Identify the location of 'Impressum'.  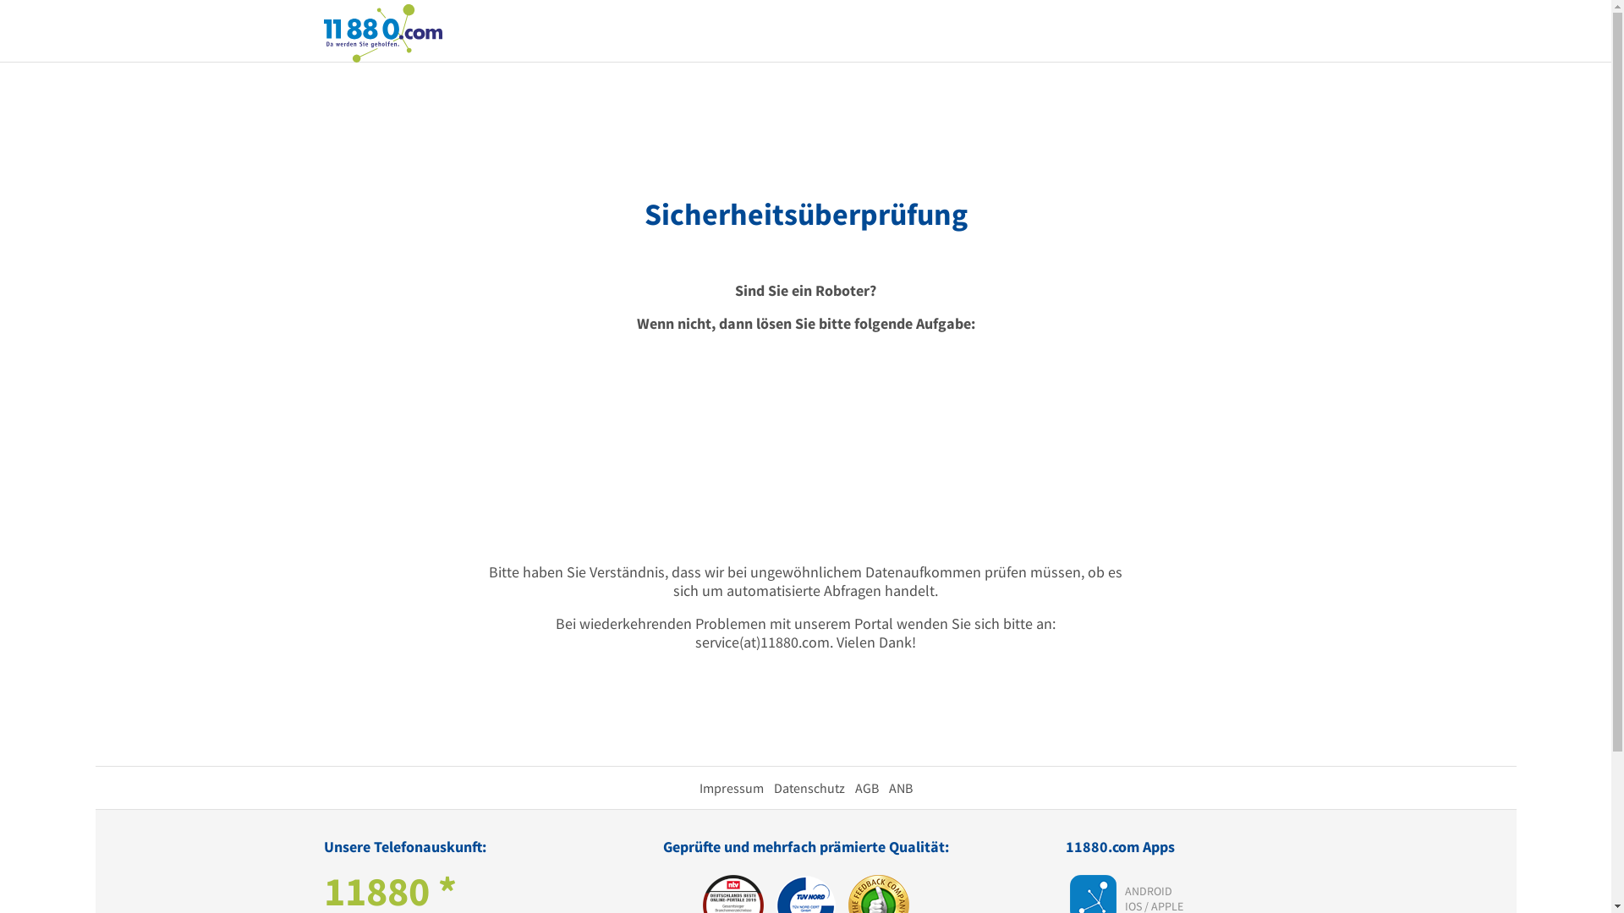
(731, 788).